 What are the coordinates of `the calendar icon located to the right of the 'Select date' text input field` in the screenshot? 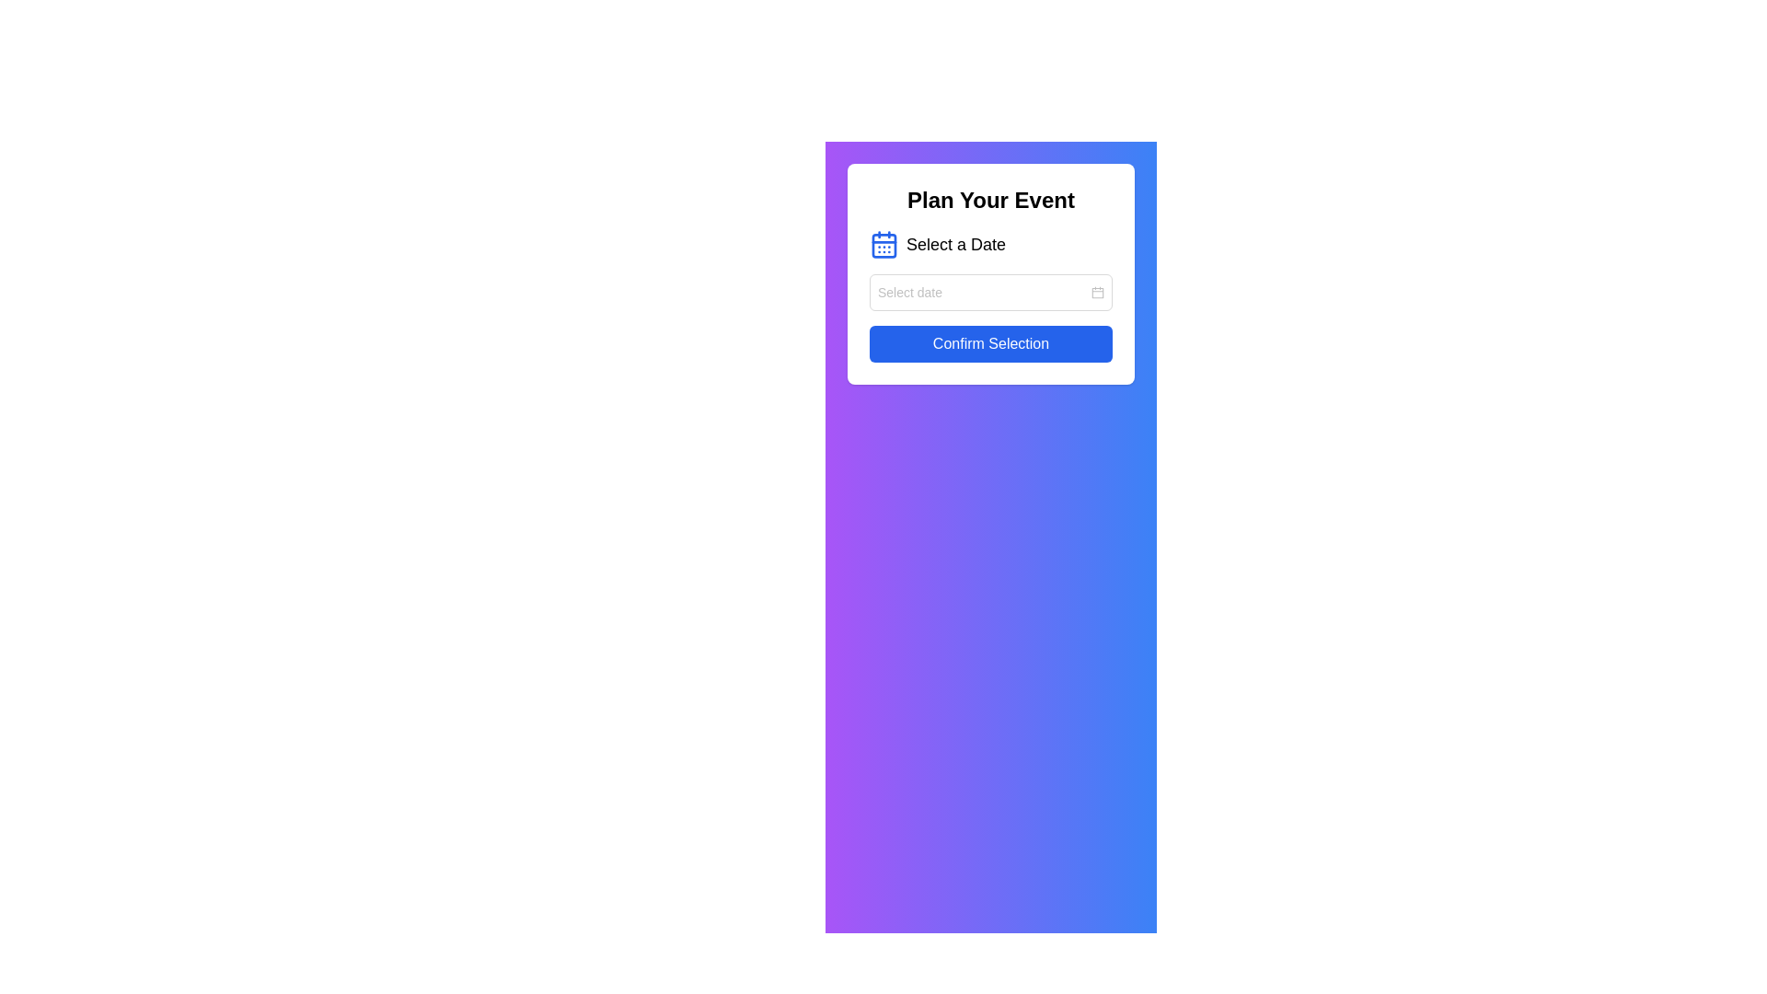 It's located at (1098, 291).